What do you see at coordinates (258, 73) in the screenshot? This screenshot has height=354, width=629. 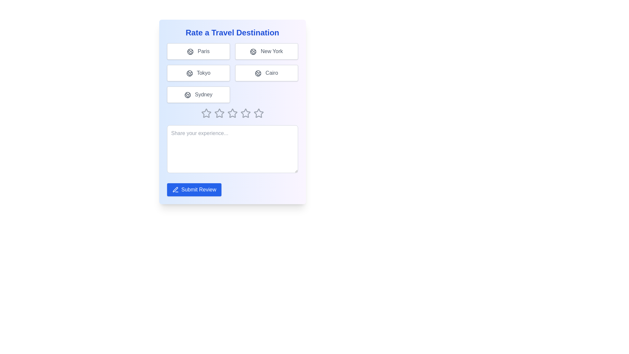 I see `the globe icon with a circular outline representing continents, located to the left of the 'Cairo' text label inside the button for 'Cairo' at the top-right corner of the travel destinations grid` at bounding box center [258, 73].